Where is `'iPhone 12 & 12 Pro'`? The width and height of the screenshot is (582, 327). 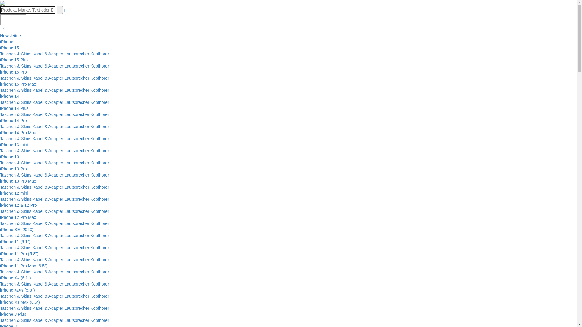 'iPhone 12 & 12 Pro' is located at coordinates (18, 205).